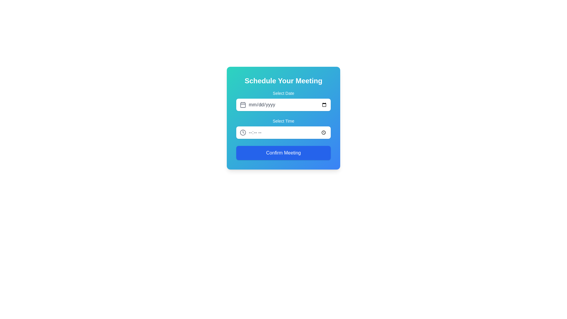  I want to click on the circular gray clock icon with a thin border, positioned to the left of the 'Select Time' placeholder text, so click(243, 132).